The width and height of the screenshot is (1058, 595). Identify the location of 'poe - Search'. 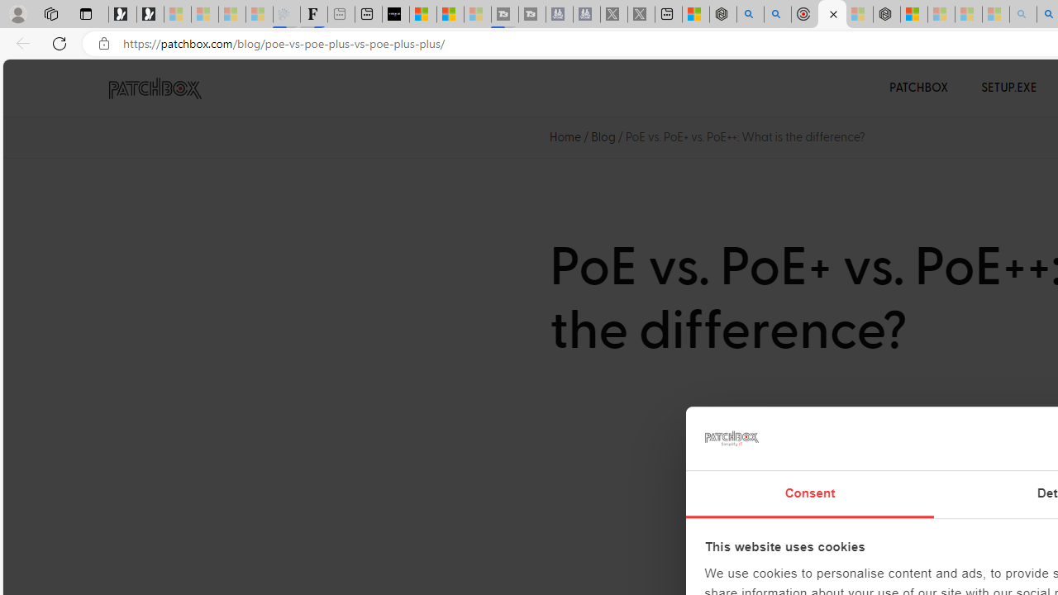
(750, 14).